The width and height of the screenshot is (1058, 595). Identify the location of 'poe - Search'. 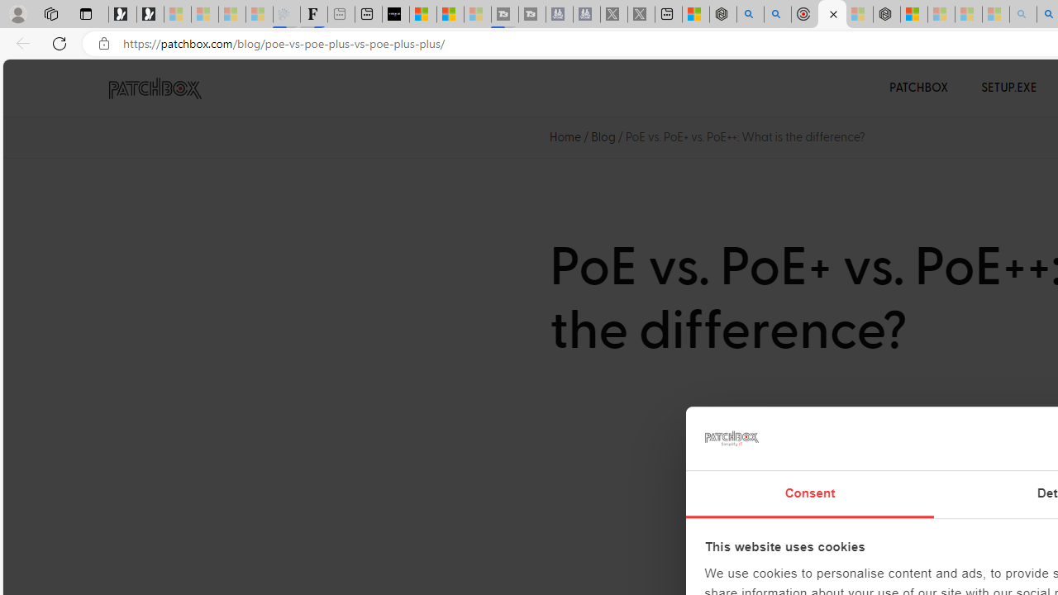
(750, 14).